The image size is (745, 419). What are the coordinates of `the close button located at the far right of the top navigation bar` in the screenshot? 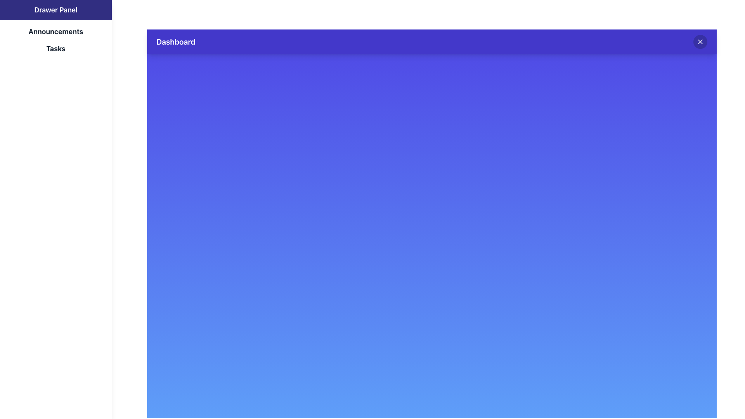 It's located at (700, 42).